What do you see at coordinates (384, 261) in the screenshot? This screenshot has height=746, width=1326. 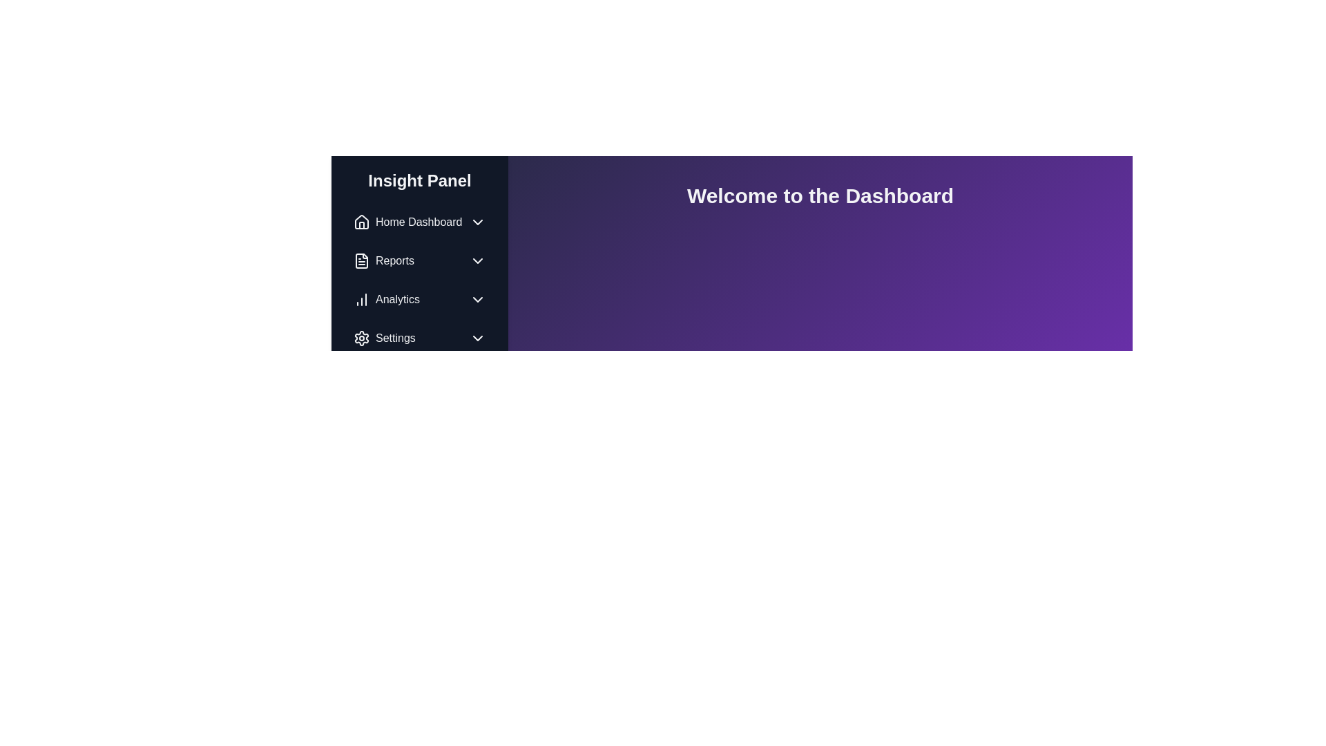 I see `the 'Reports' navigation menu item, which is the second item in the vertical list on the left-hand navigation panel` at bounding box center [384, 261].